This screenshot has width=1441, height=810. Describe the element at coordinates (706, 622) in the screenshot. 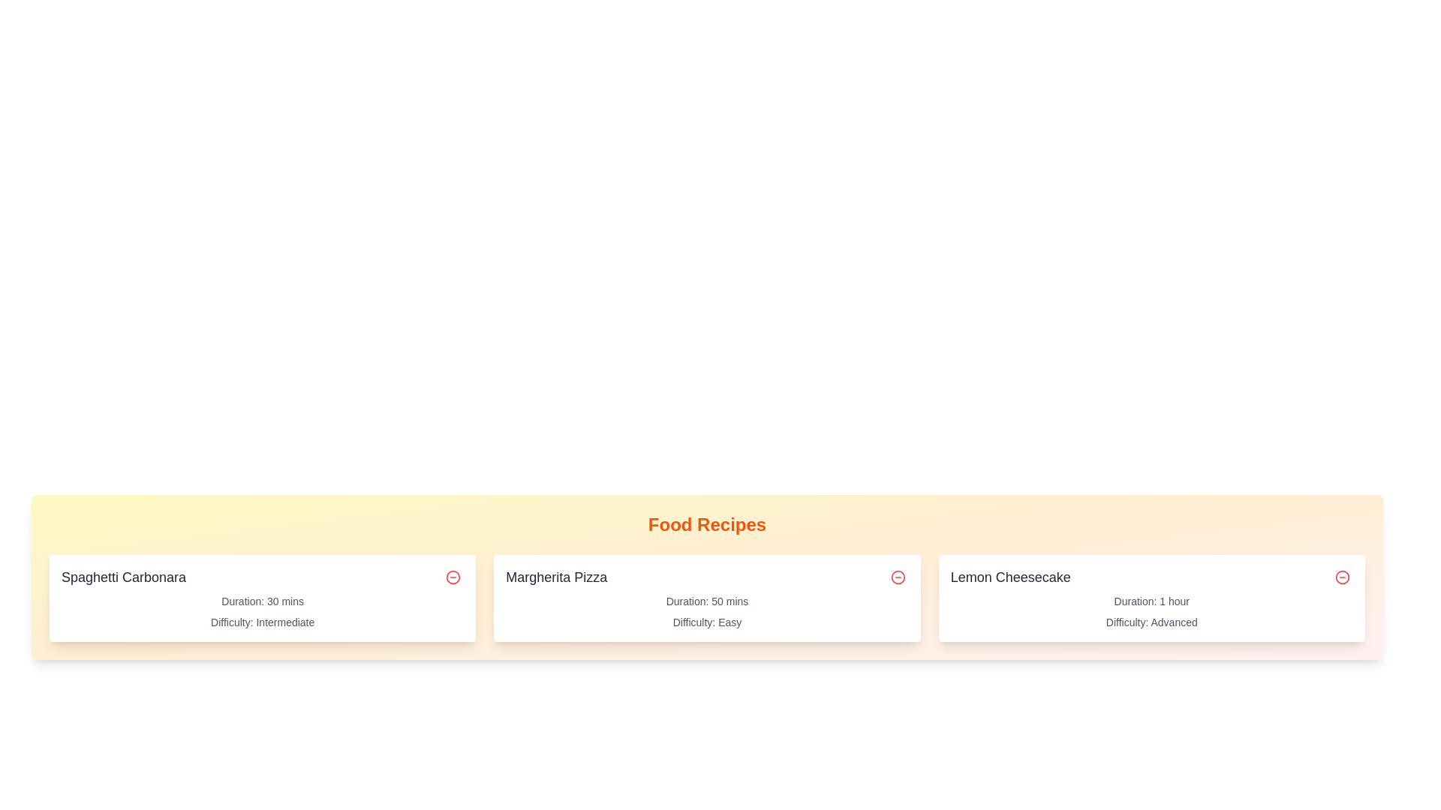

I see `the static text label that displays 'Difficulty: Easy', which is styled with a small gray font and positioned below 'Duration: 50 mins' in the 'Margherita Pizza' card` at that location.